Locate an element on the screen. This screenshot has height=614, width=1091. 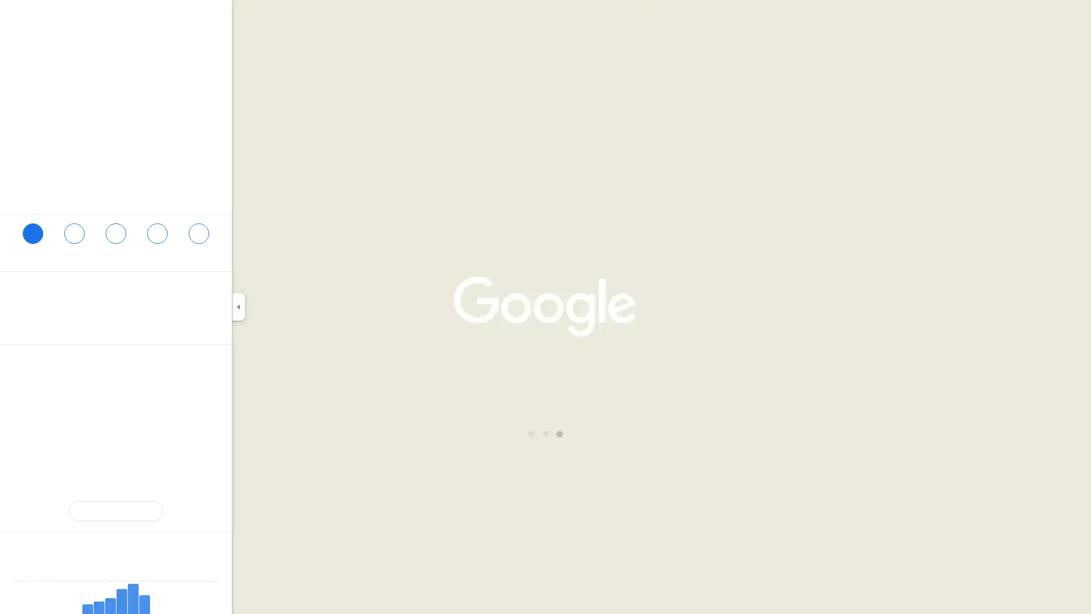
Clear search is located at coordinates (212, 18).